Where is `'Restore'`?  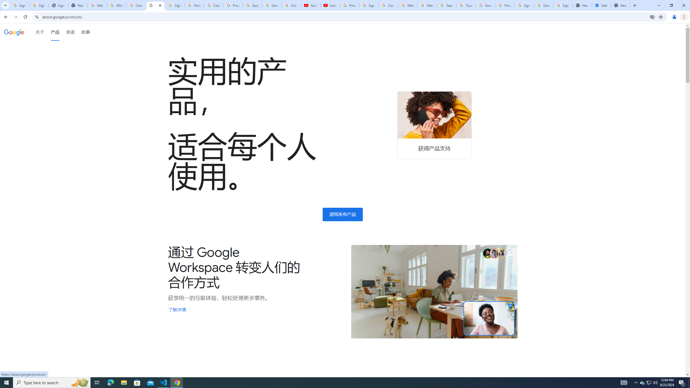
'Restore' is located at coordinates (671, 5).